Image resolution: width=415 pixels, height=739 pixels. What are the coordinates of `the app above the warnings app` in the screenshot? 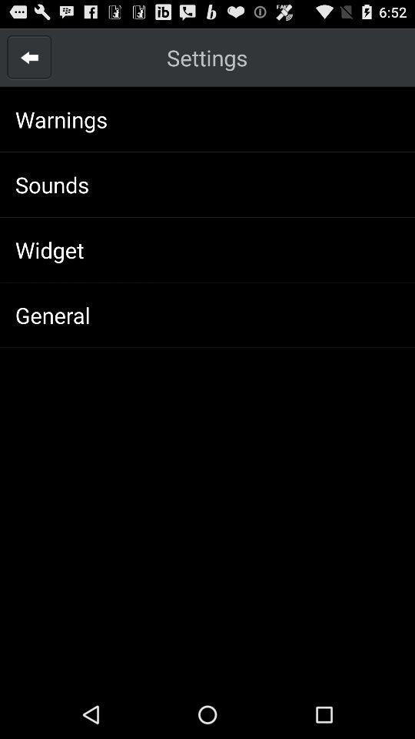 It's located at (29, 57).